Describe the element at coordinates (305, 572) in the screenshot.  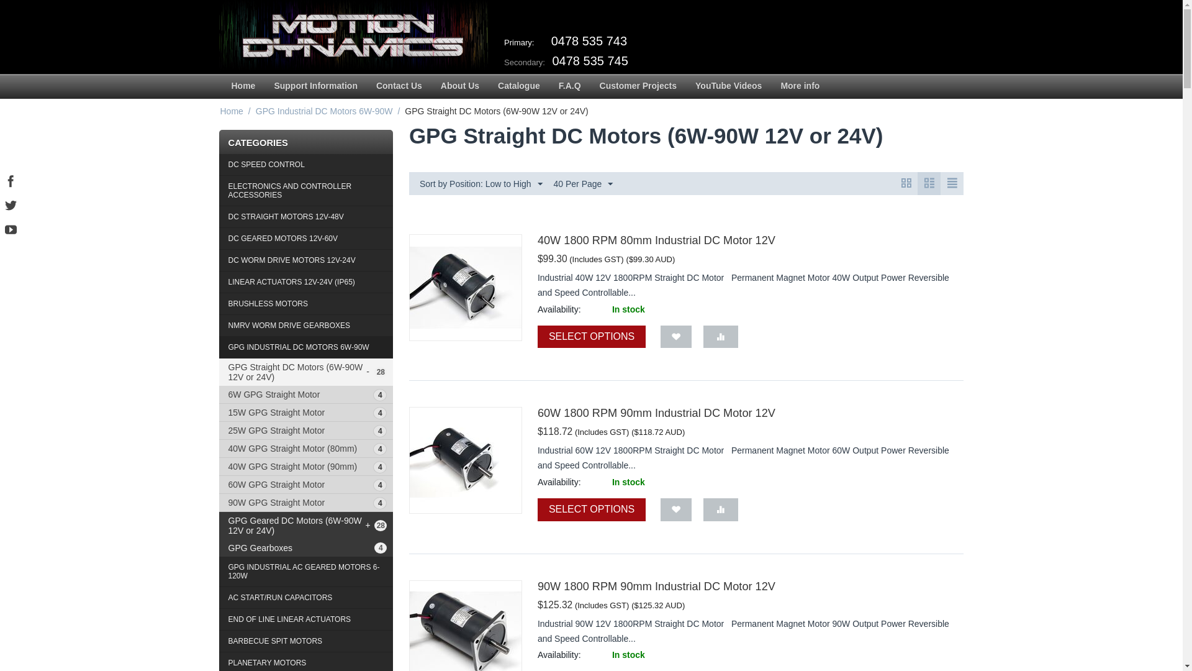
I see `'GPG INDUSTRIAL AC GEARED MOTORS 6-120W'` at that location.